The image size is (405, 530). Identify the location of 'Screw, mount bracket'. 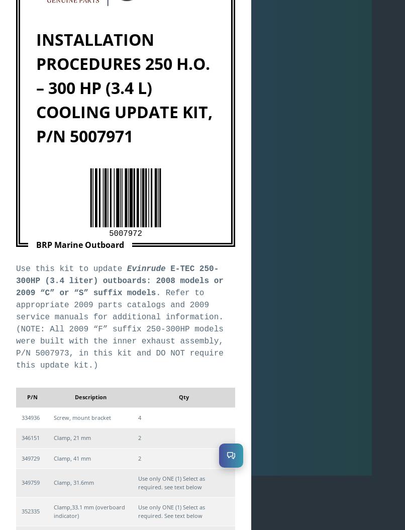
(82, 416).